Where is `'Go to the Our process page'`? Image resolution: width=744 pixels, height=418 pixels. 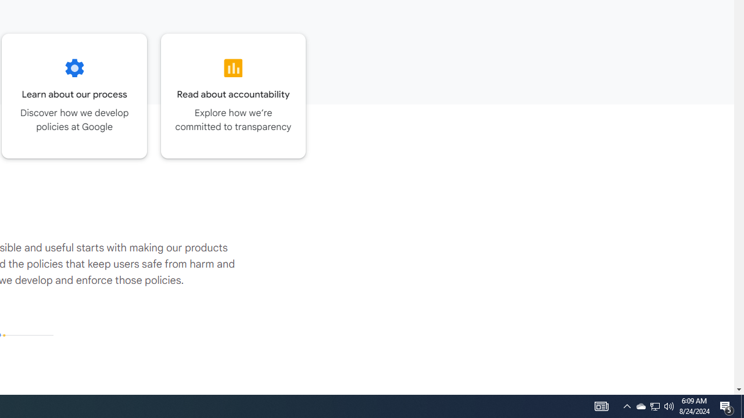
'Go to the Our process page' is located at coordinates (74, 95).